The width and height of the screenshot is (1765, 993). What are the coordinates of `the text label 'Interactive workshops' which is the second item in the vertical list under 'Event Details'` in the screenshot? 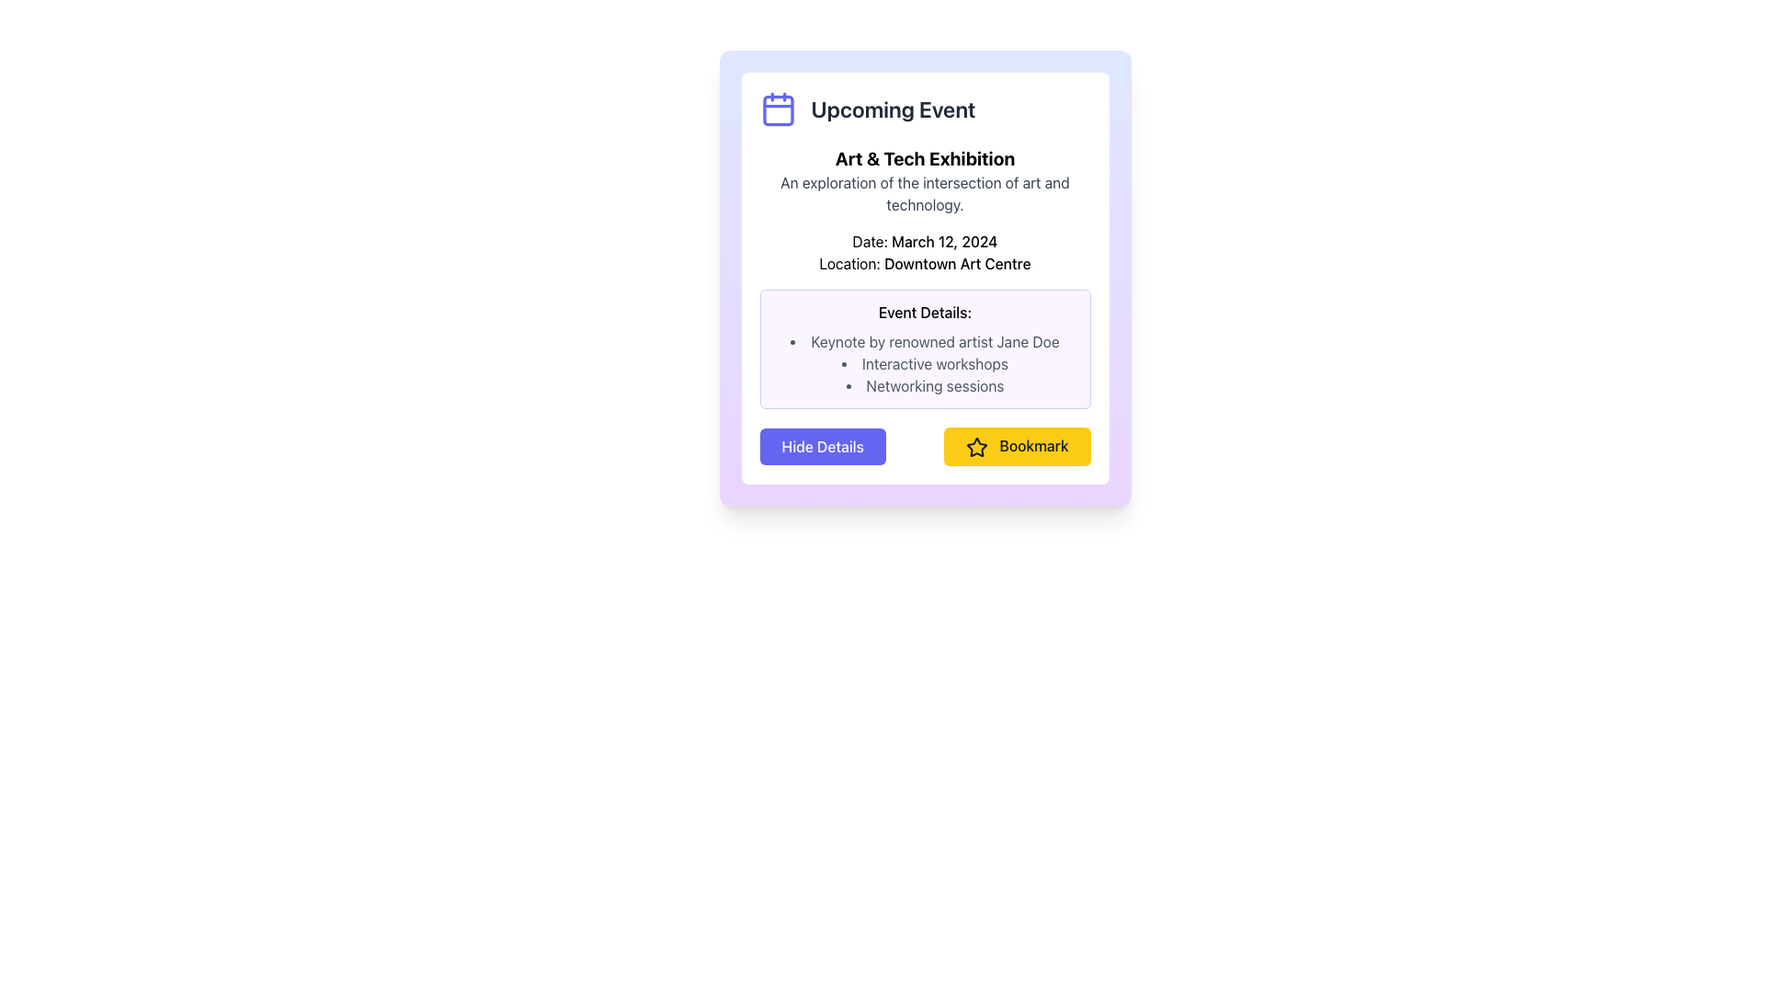 It's located at (925, 364).